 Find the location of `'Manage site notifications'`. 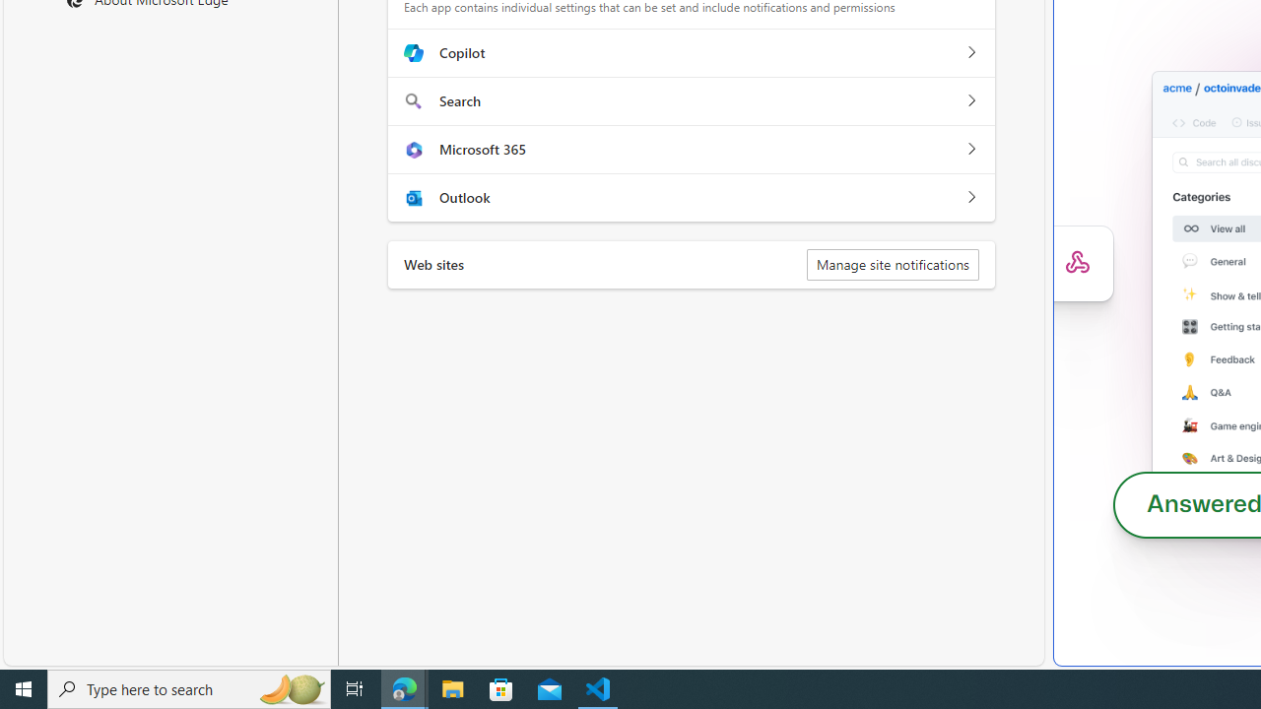

'Manage site notifications' is located at coordinates (892, 263).